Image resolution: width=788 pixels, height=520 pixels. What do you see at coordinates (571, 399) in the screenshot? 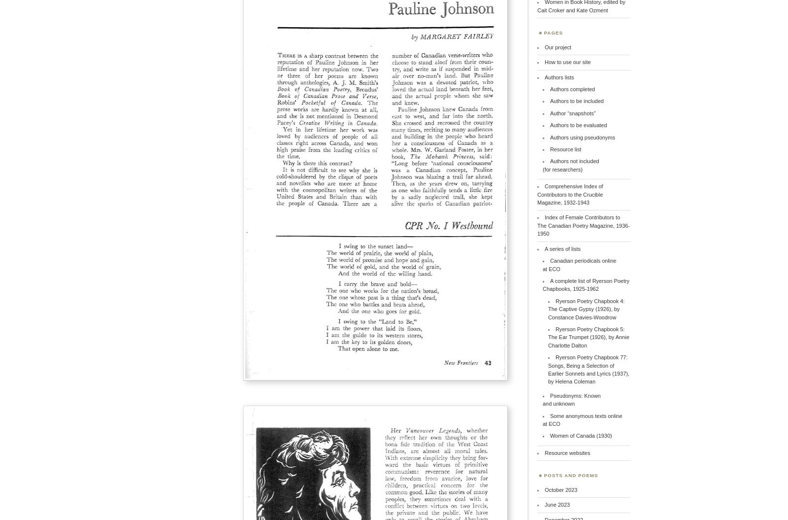
I see `'Pseudonyms: Known and unknown'` at bounding box center [571, 399].